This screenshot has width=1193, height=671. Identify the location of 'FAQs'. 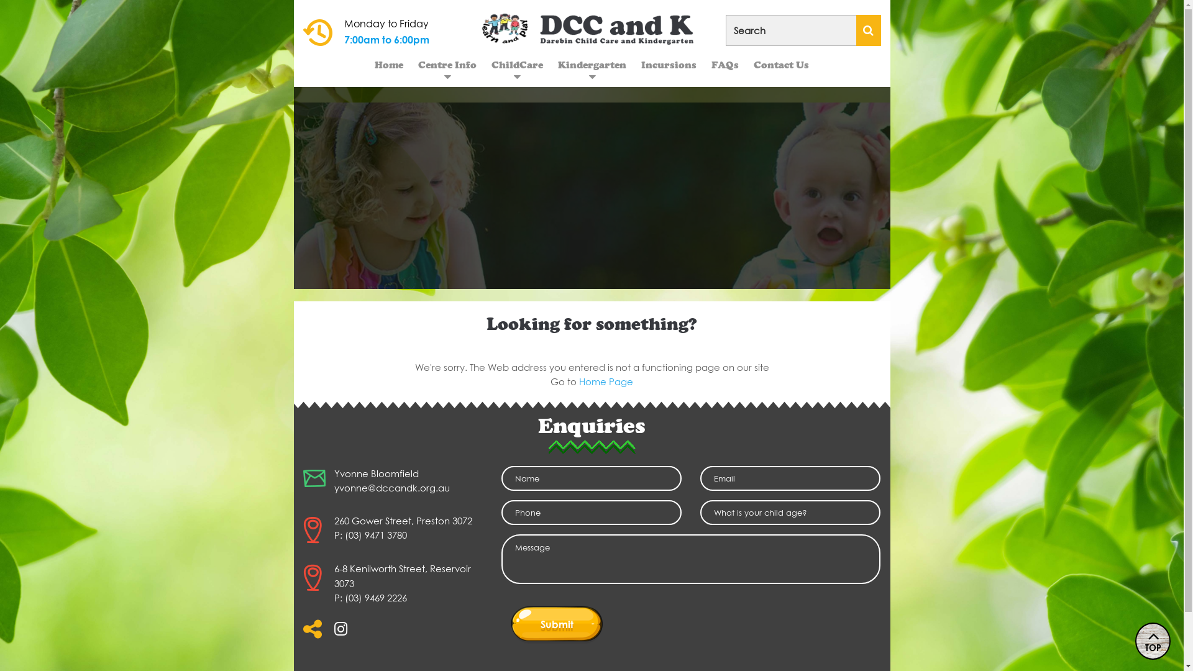
(703, 65).